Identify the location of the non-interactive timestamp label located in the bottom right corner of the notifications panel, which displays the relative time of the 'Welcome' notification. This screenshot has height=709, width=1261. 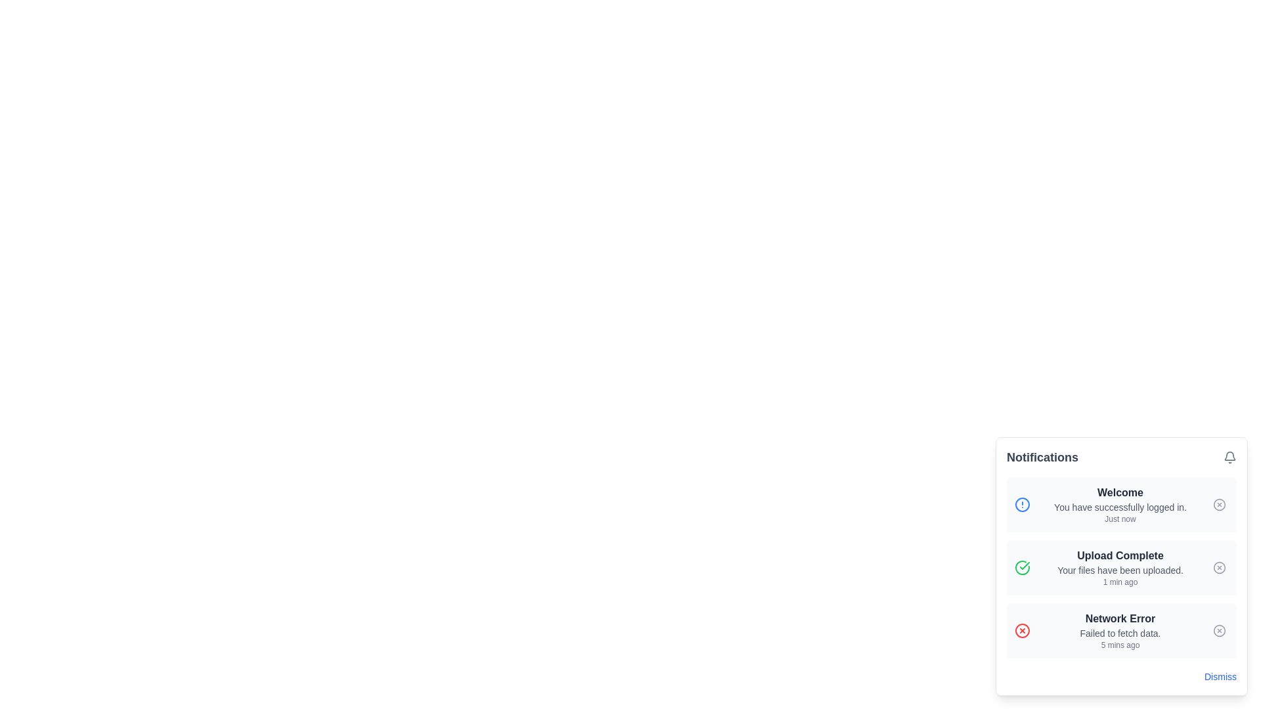
(1119, 518).